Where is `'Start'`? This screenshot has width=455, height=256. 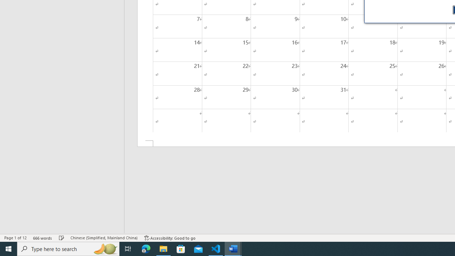 'Start' is located at coordinates (9, 248).